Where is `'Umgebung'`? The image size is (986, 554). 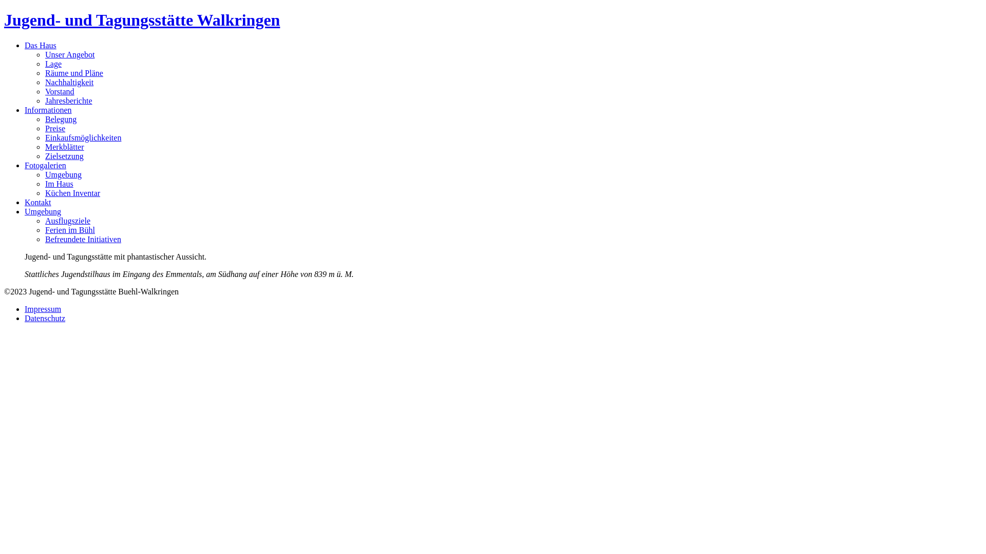
'Umgebung' is located at coordinates (42, 211).